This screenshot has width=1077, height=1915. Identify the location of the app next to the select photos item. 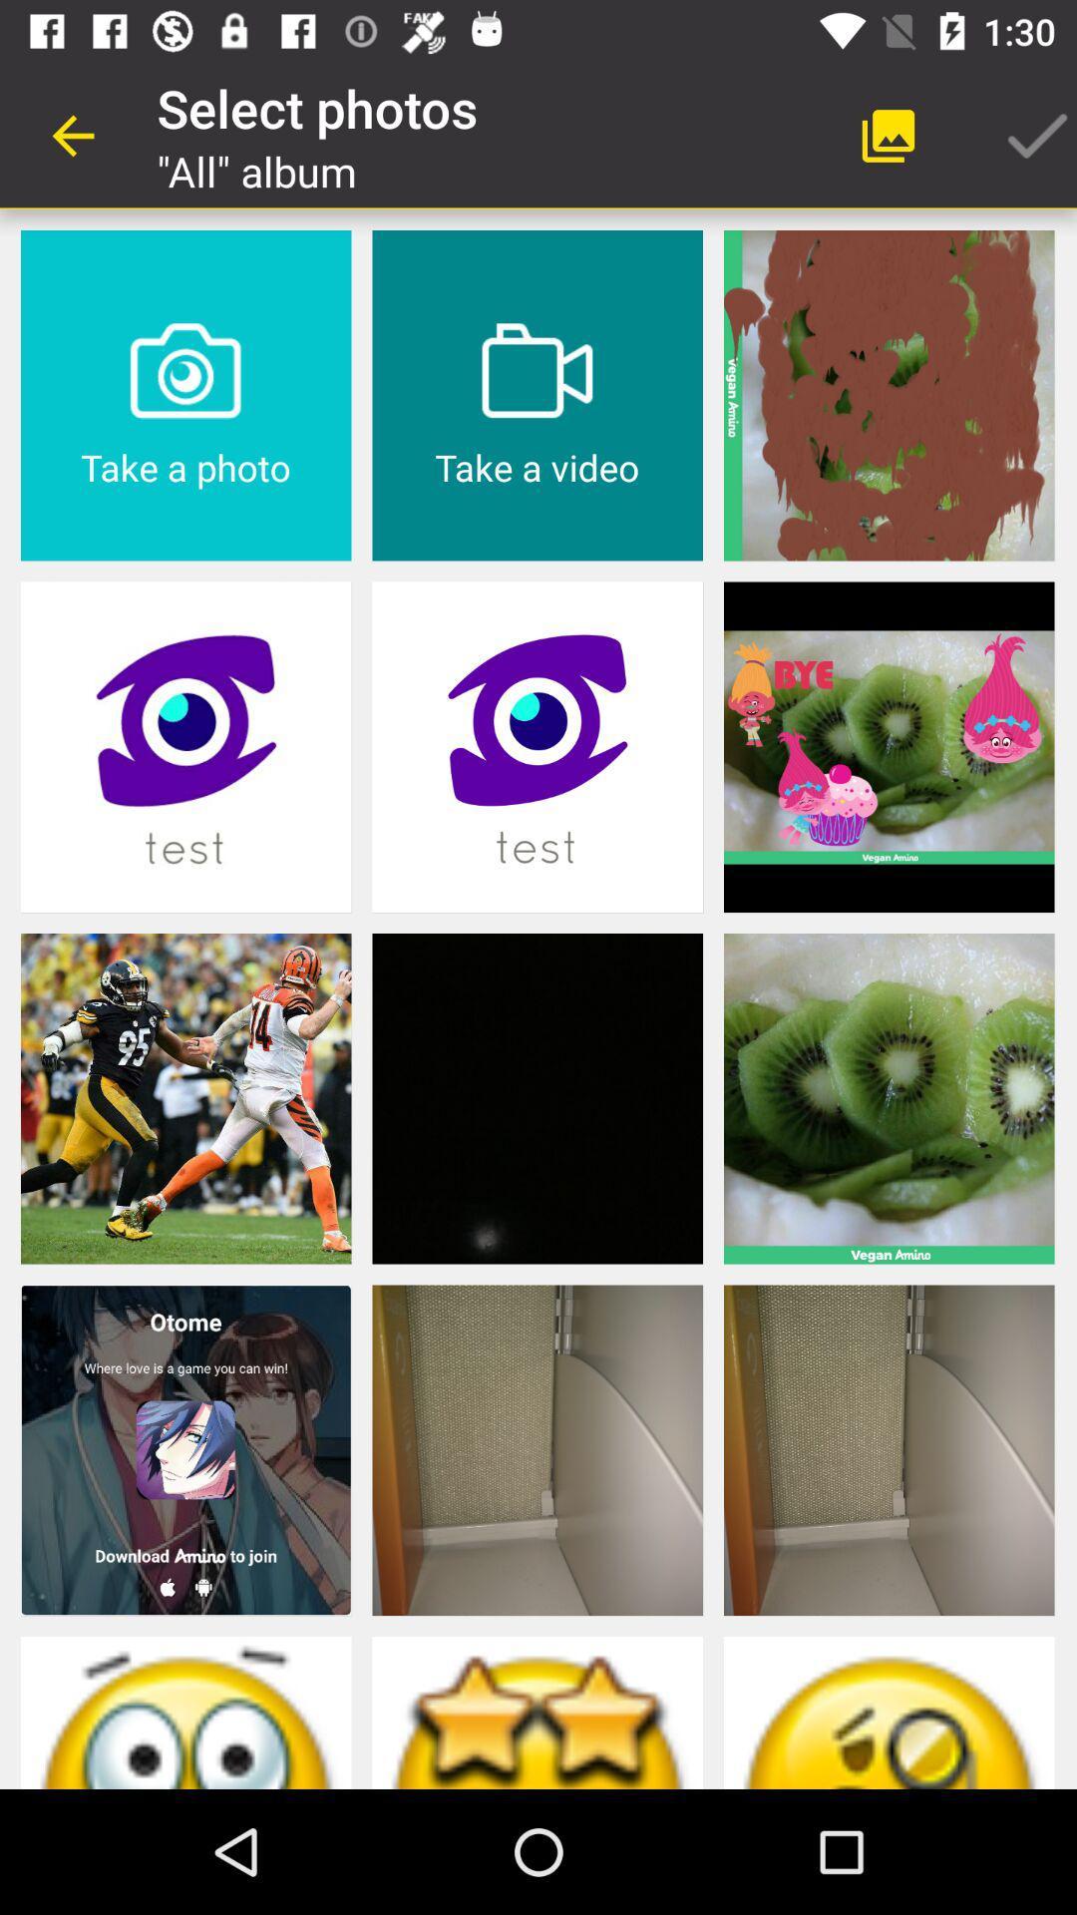
(888, 135).